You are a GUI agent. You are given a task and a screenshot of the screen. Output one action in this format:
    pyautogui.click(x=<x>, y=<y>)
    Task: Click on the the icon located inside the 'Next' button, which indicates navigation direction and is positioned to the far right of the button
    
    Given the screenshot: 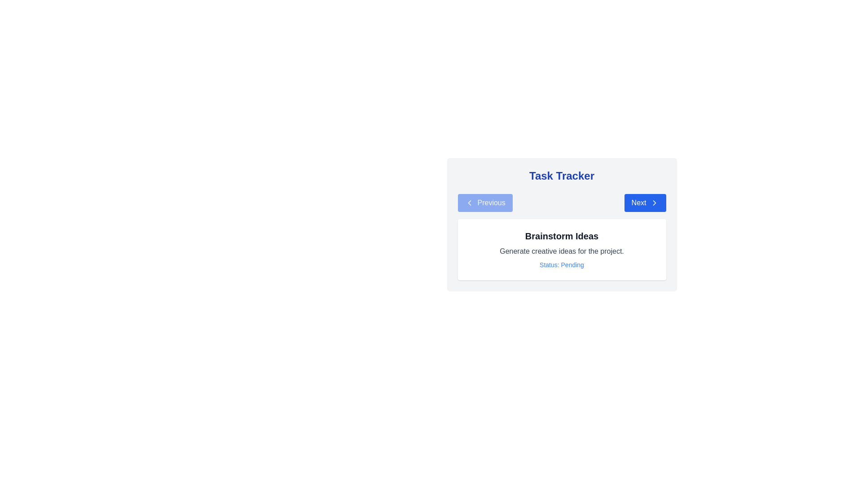 What is the action you would take?
    pyautogui.click(x=654, y=203)
    